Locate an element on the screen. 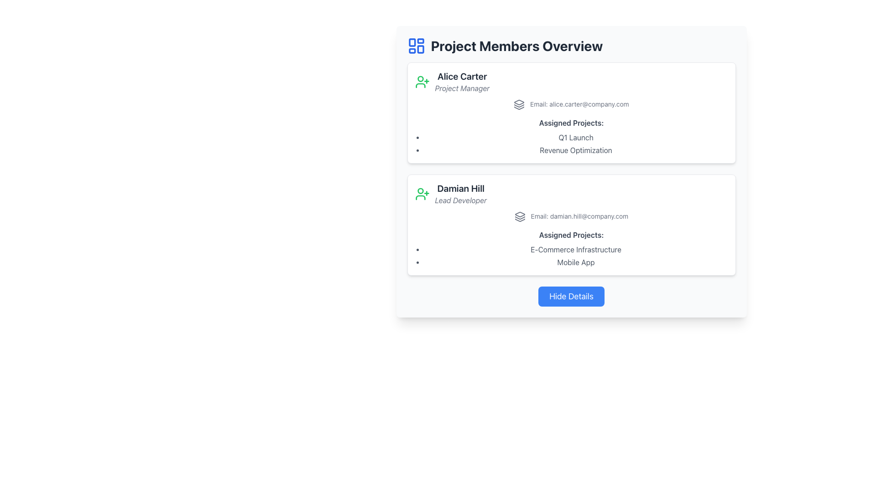 The width and height of the screenshot is (876, 492). the 'Q1 Launch' label in the 'Assigned Projects:' section of Alice Carter's profile card is located at coordinates (575, 137).